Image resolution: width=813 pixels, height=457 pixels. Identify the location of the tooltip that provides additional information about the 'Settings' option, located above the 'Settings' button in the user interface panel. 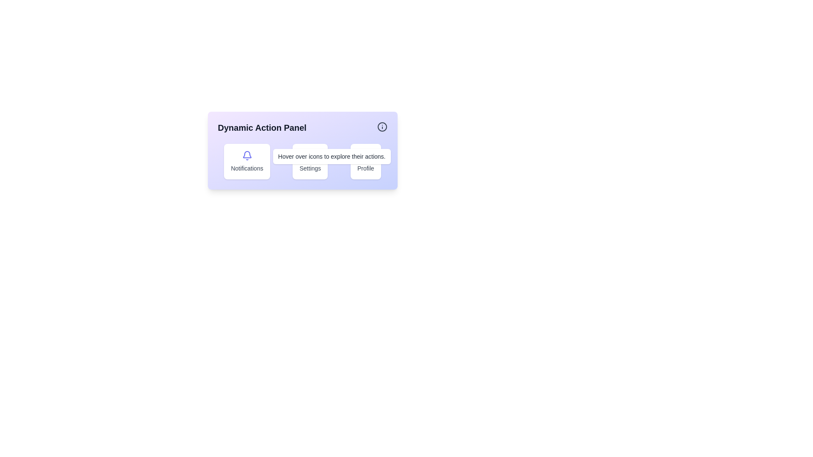
(310, 141).